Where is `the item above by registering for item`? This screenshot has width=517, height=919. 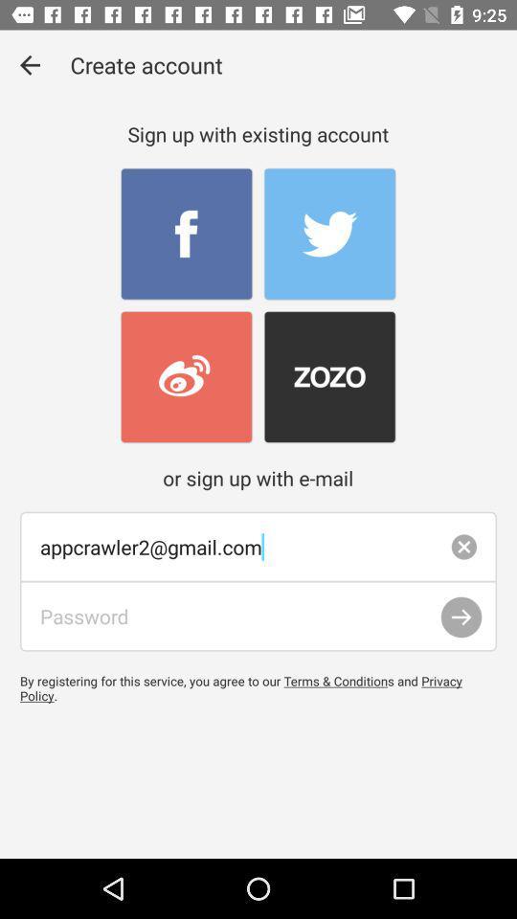 the item above by registering for item is located at coordinates (461, 616).